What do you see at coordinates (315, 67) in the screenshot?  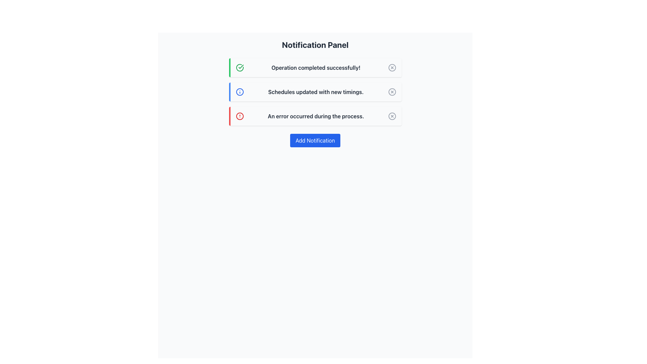 I see `the static text display that shows 'Operation completed successfully!' within the green-themed notification card` at bounding box center [315, 67].